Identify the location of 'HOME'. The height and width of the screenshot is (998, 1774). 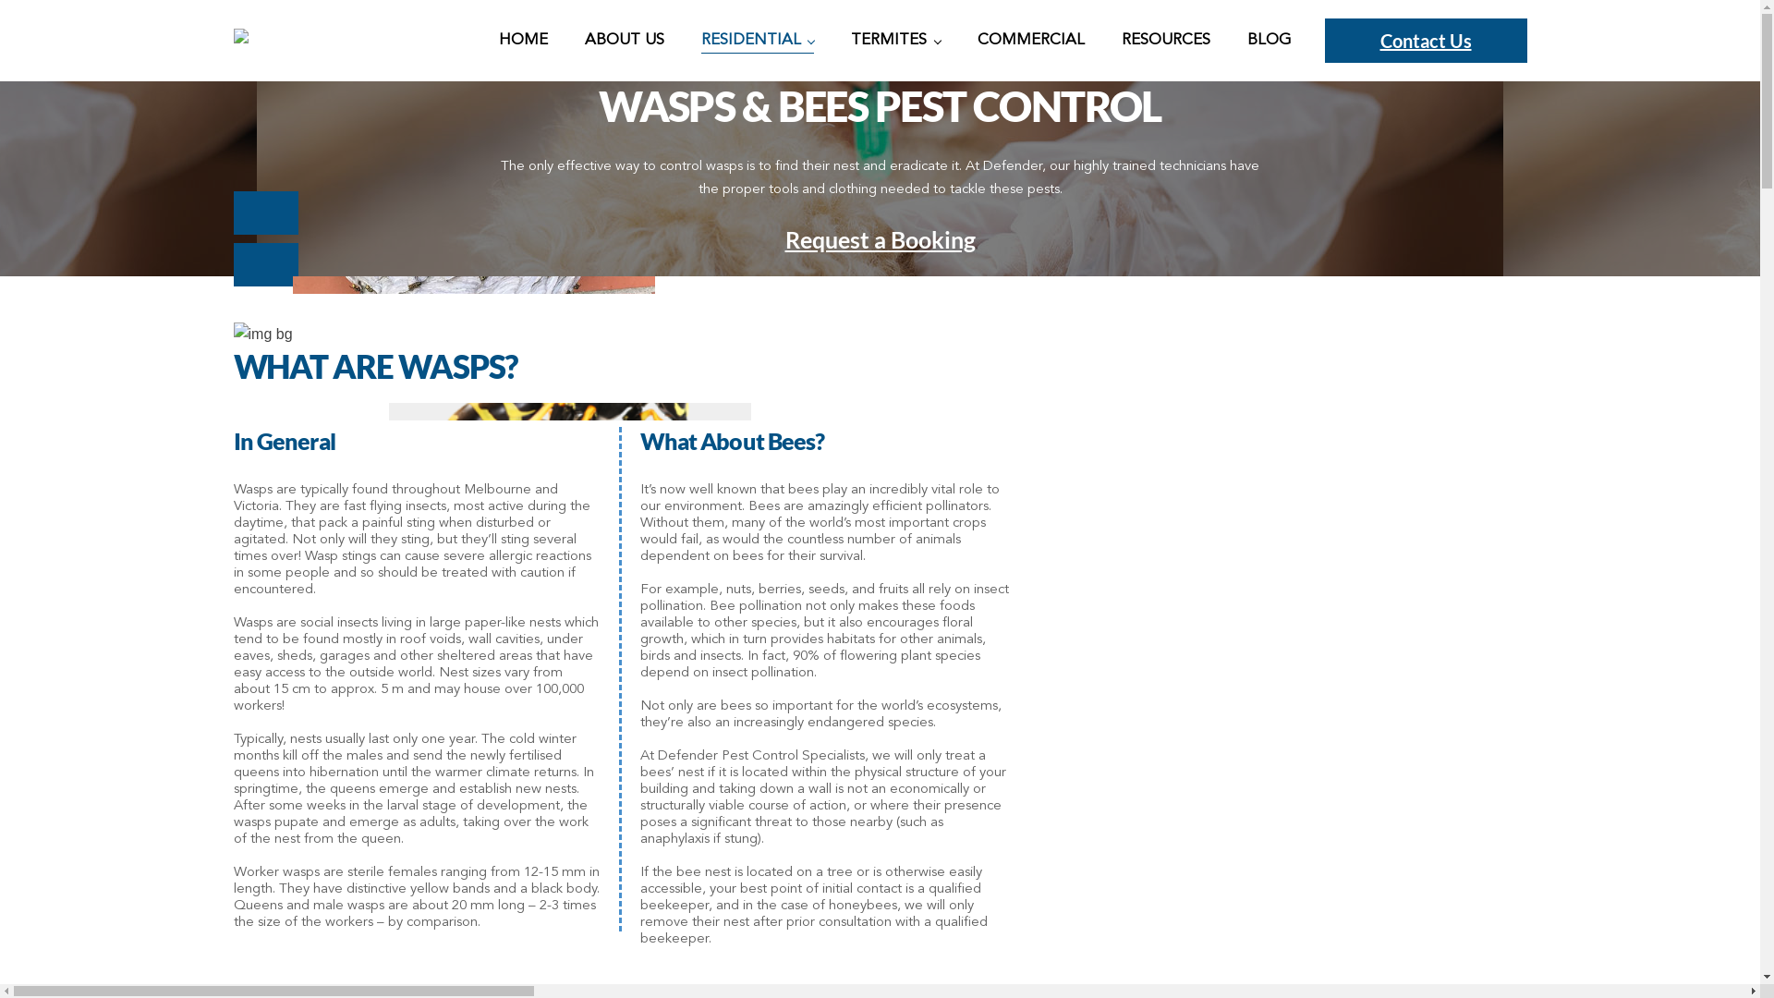
(522, 40).